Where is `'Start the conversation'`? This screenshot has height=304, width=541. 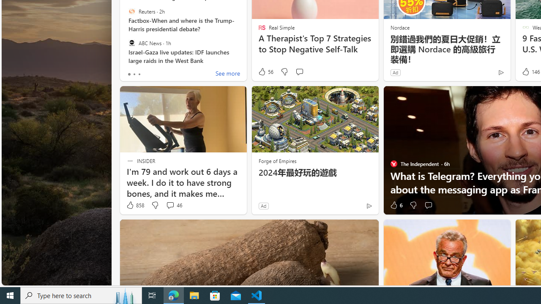
'Start the conversation' is located at coordinates (428, 205).